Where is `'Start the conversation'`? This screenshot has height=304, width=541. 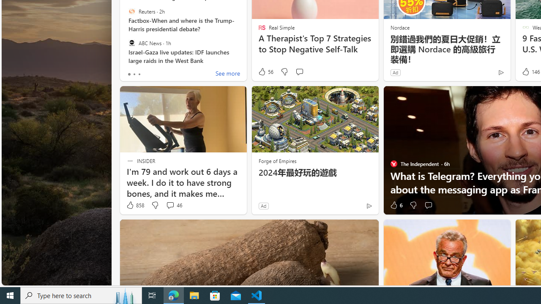
'Start the conversation' is located at coordinates (428, 205).